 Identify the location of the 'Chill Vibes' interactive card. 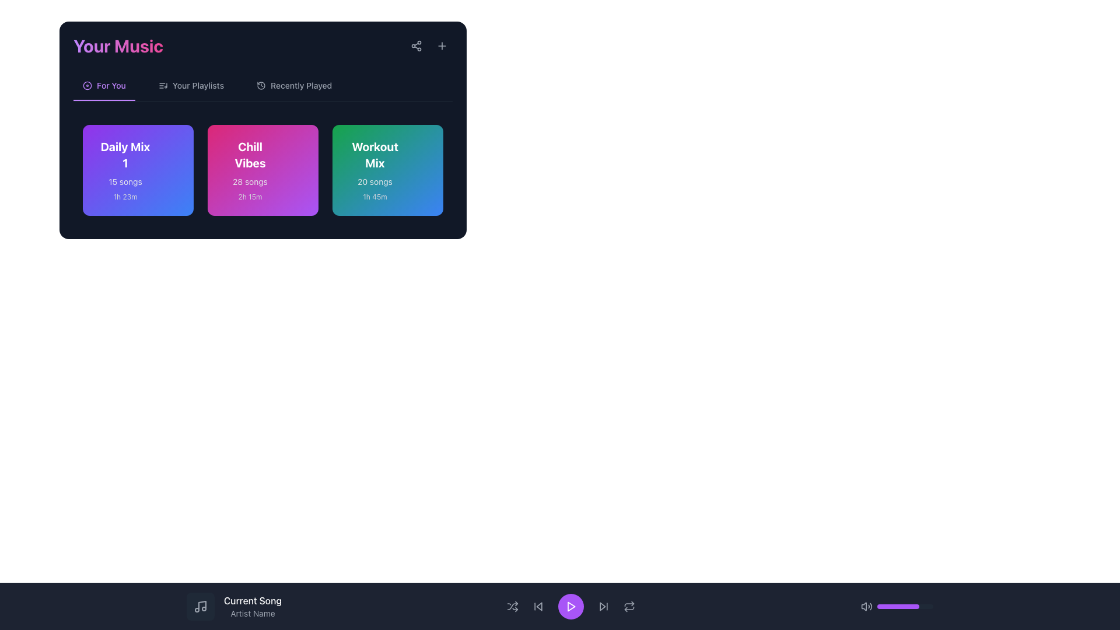
(262, 170).